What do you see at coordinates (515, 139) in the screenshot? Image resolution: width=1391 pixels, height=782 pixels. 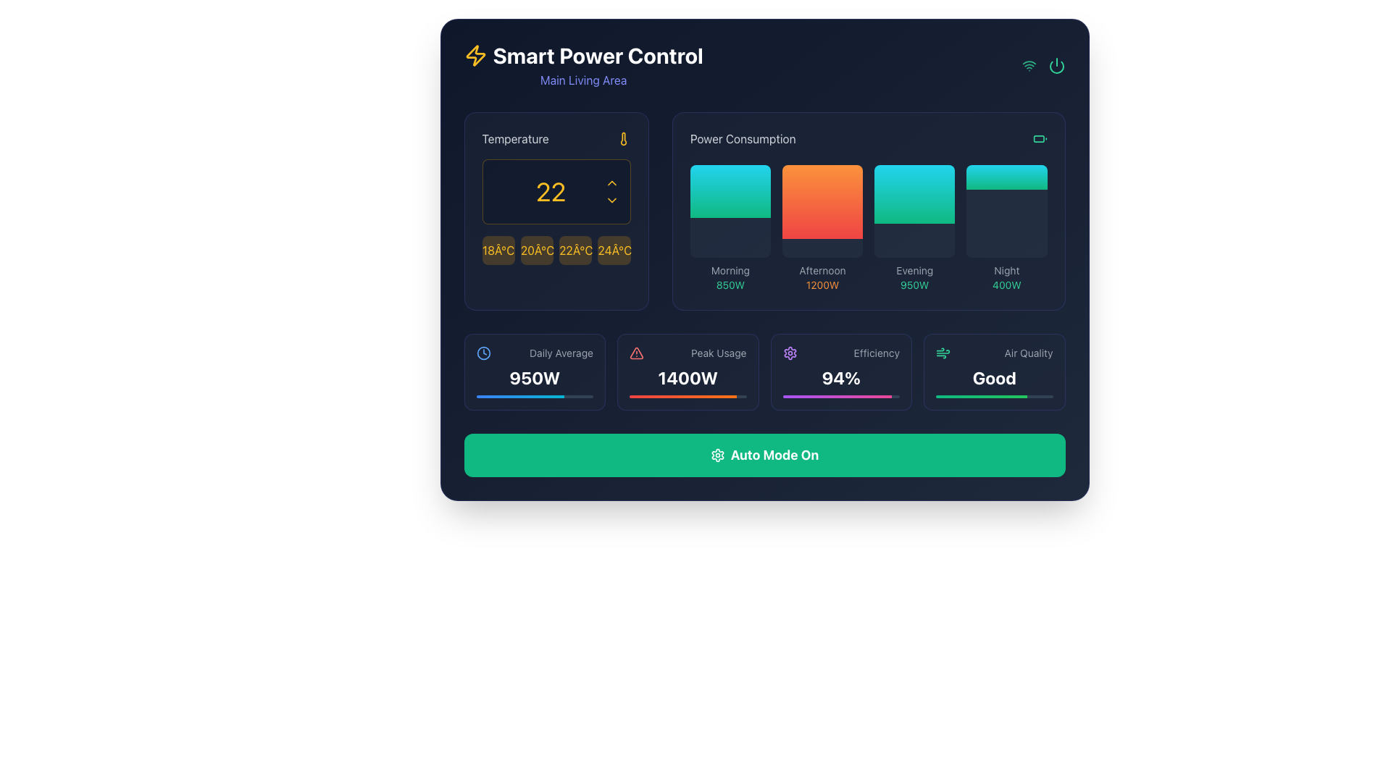 I see `text from the Text Label that serves as a descriptive header for the temperature-related module, located to the left of the thermometer icon` at bounding box center [515, 139].